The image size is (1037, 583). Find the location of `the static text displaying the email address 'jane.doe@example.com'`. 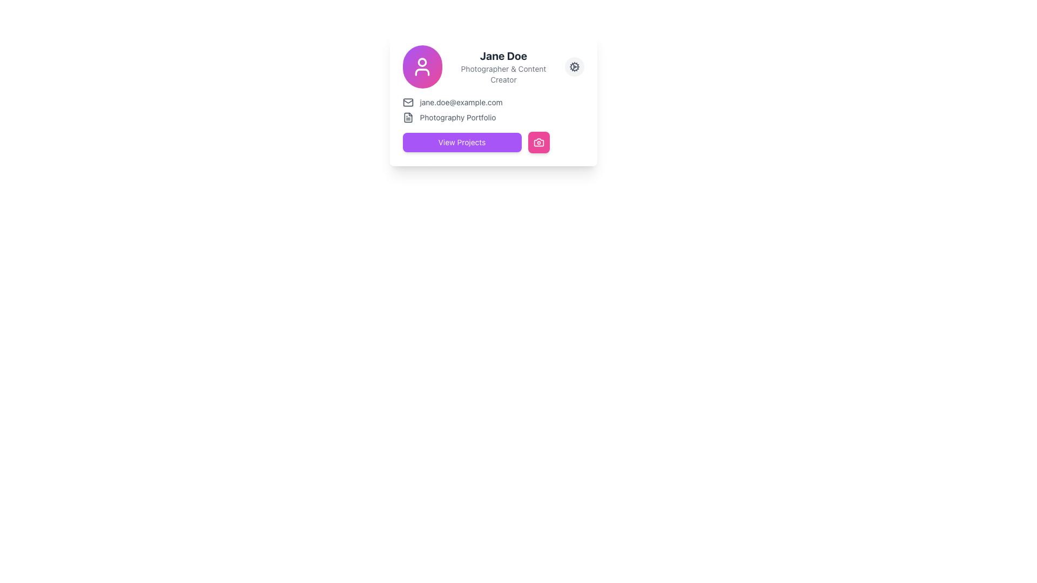

the static text displaying the email address 'jane.doe@example.com' is located at coordinates (461, 102).